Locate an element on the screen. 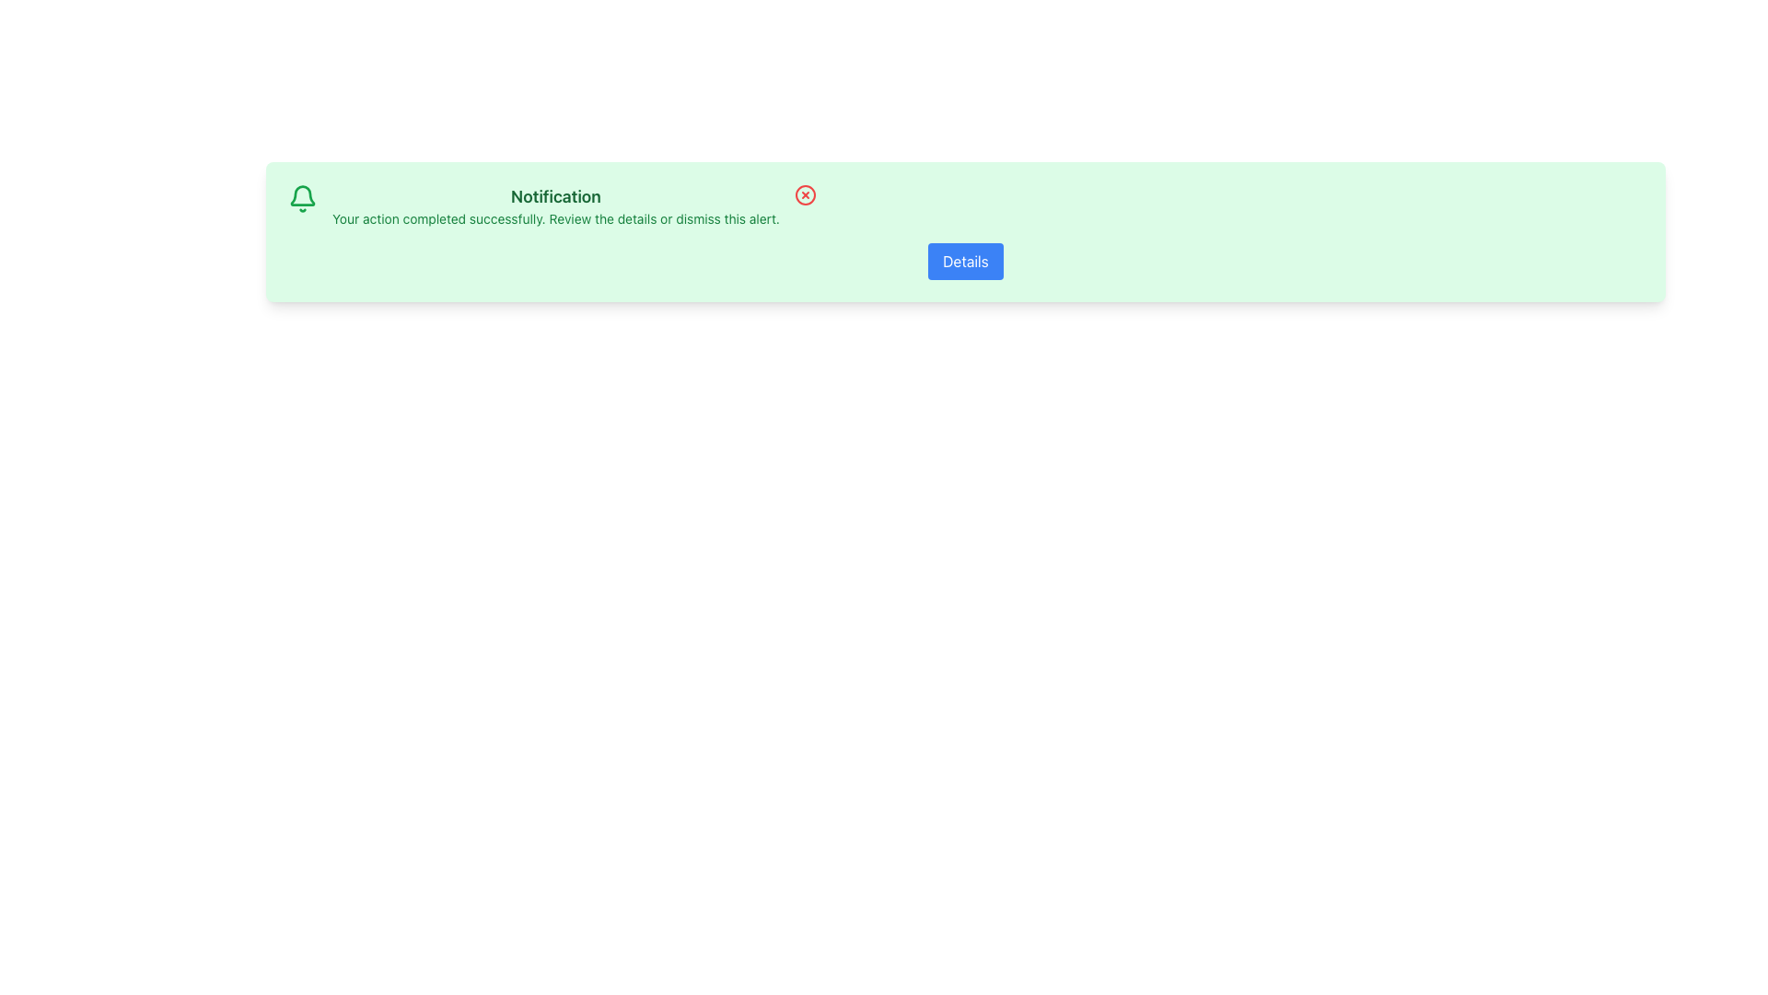  the bold green 'Notification' text label at the center of the notification banner, which is visually distinct and positioned above secondary text is located at coordinates (555, 196).